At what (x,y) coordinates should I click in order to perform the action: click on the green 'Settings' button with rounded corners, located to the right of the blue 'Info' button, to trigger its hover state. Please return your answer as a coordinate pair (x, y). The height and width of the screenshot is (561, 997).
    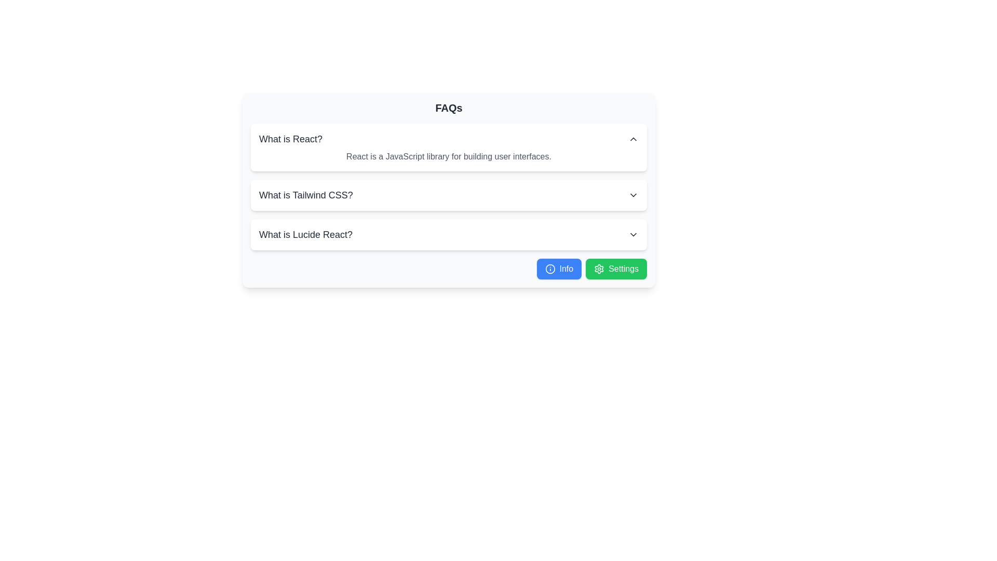
    Looking at the image, I should click on (616, 268).